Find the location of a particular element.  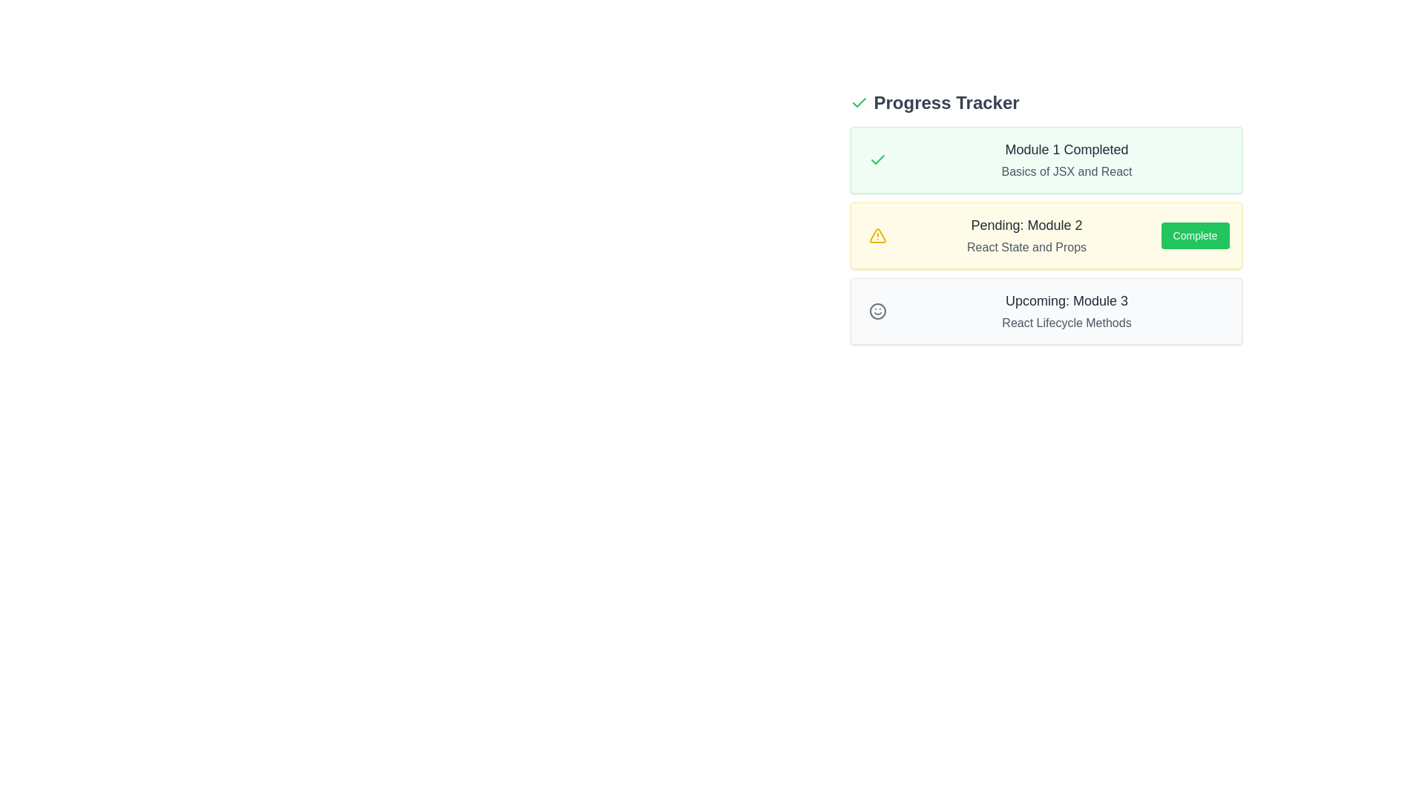

the Static Text Label indicating the status of 'Module 2' in the Progress Tracker, which displays 'Pending: Module 2' is located at coordinates (1026, 225).